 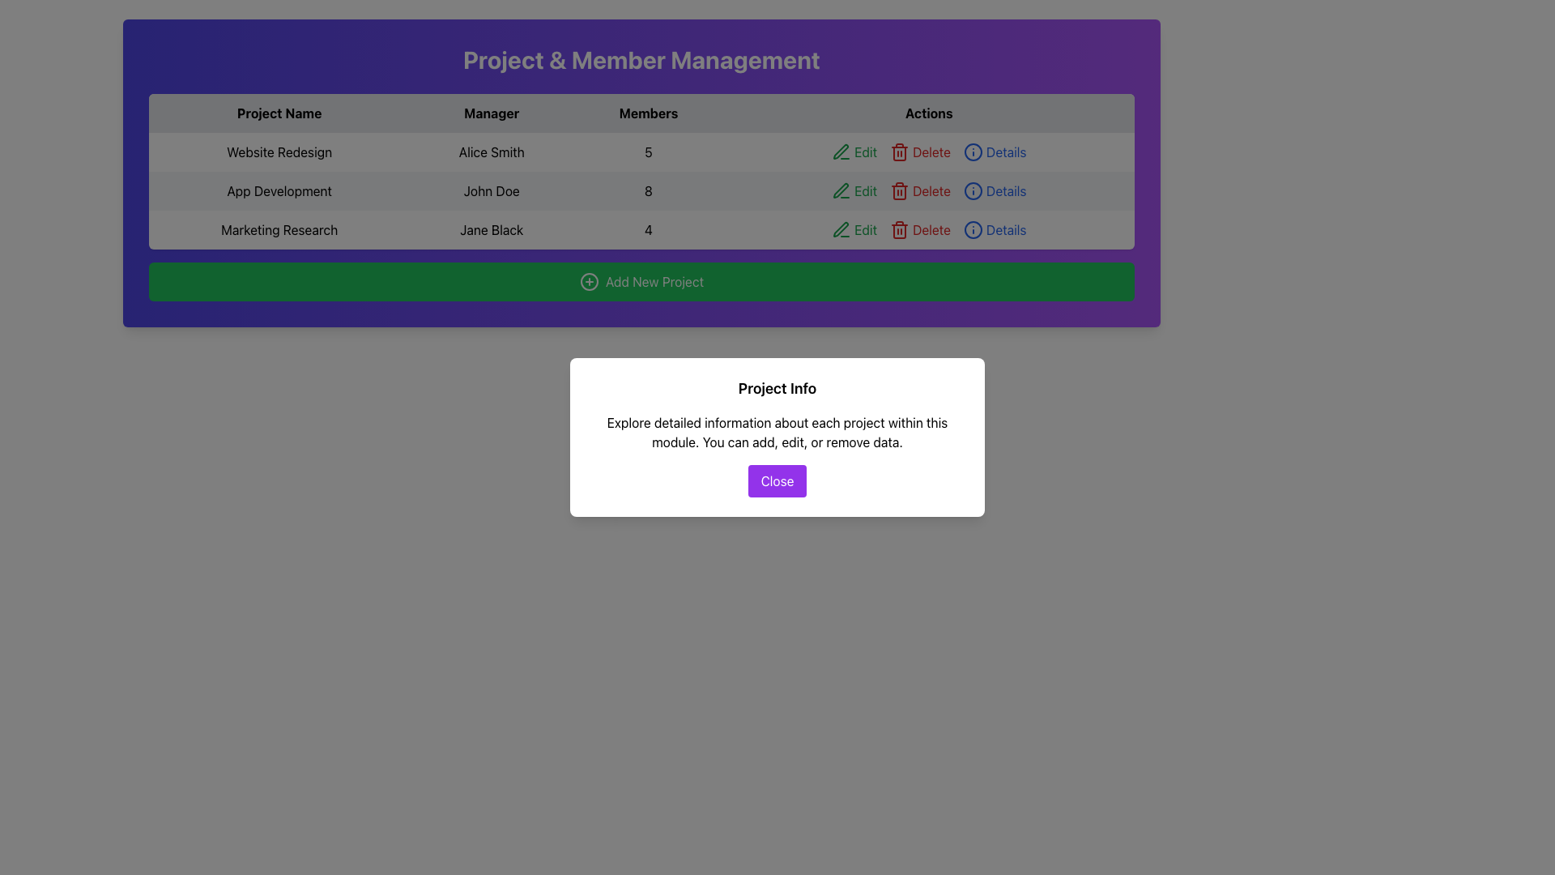 I want to click on the non-interactive text display indicating the number of members for the 'Website Redesign' project, located in the third column under the 'Members' heading, so click(x=649, y=152).